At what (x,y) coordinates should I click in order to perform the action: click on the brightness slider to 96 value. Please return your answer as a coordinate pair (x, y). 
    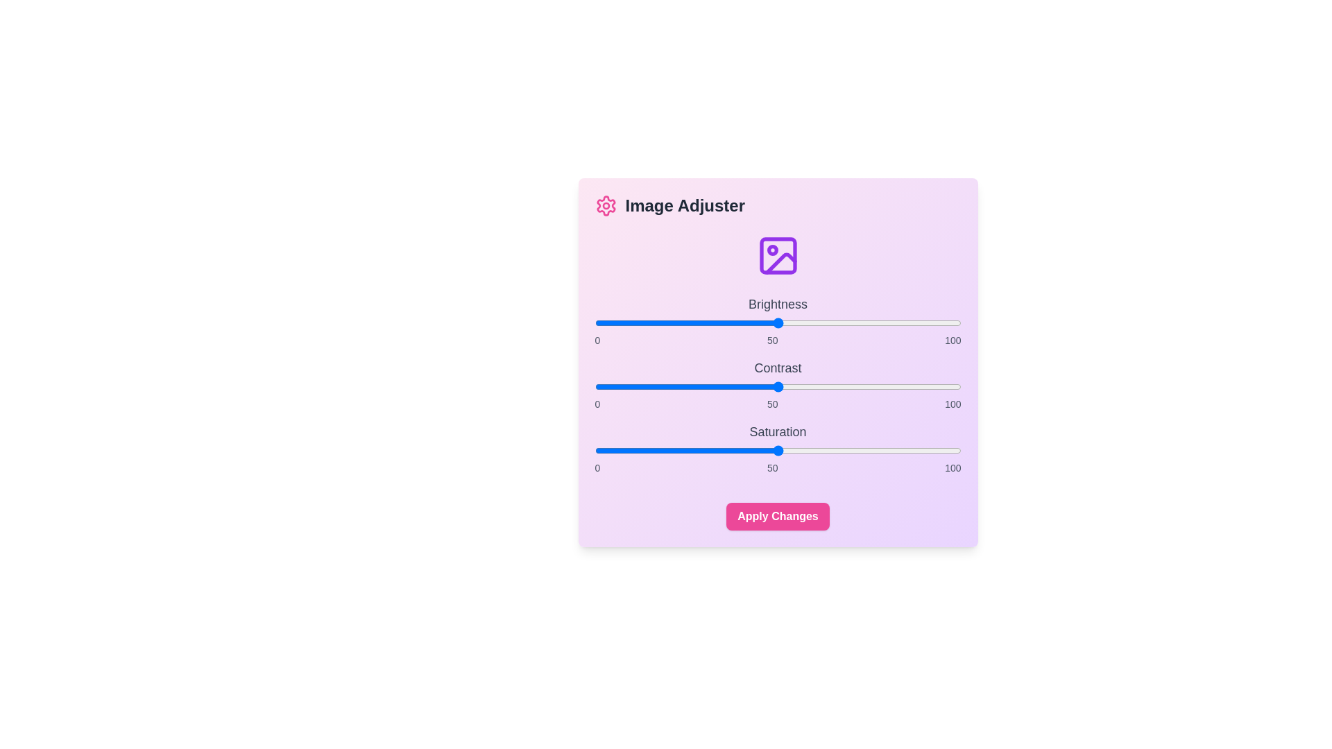
    Looking at the image, I should click on (946, 323).